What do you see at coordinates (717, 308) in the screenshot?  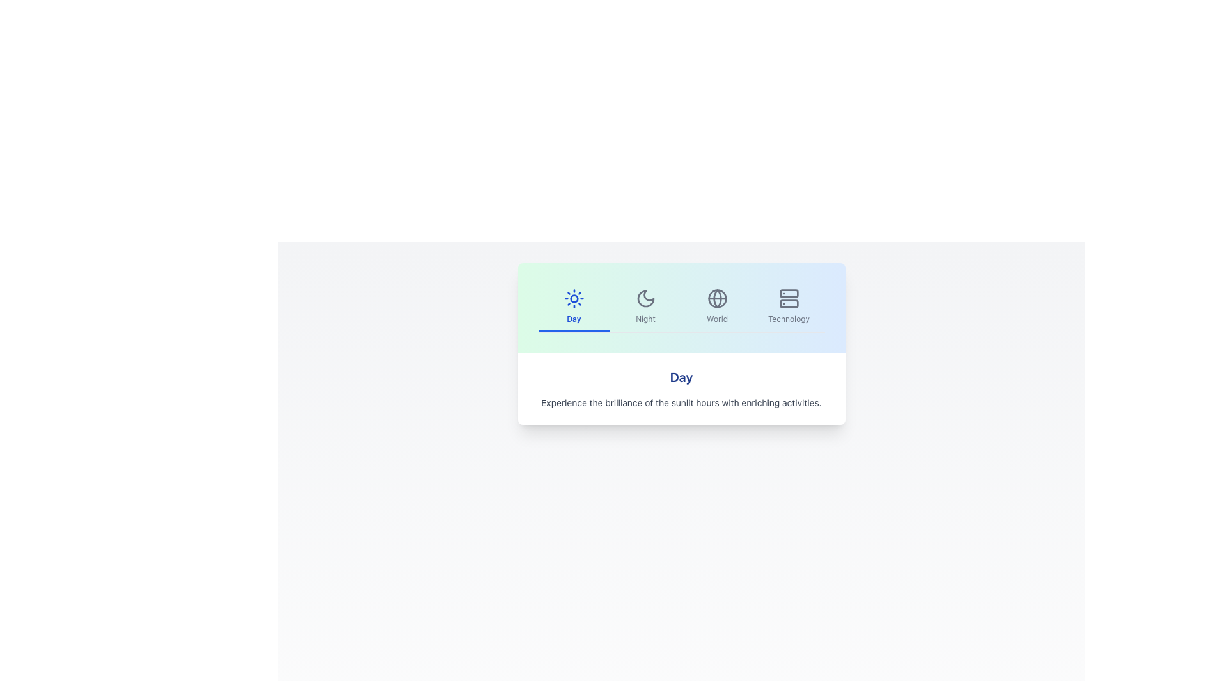 I see `the 'World' button, which is represented by a grey globe icon and located as the third option in a horizontal menu bar` at bounding box center [717, 308].